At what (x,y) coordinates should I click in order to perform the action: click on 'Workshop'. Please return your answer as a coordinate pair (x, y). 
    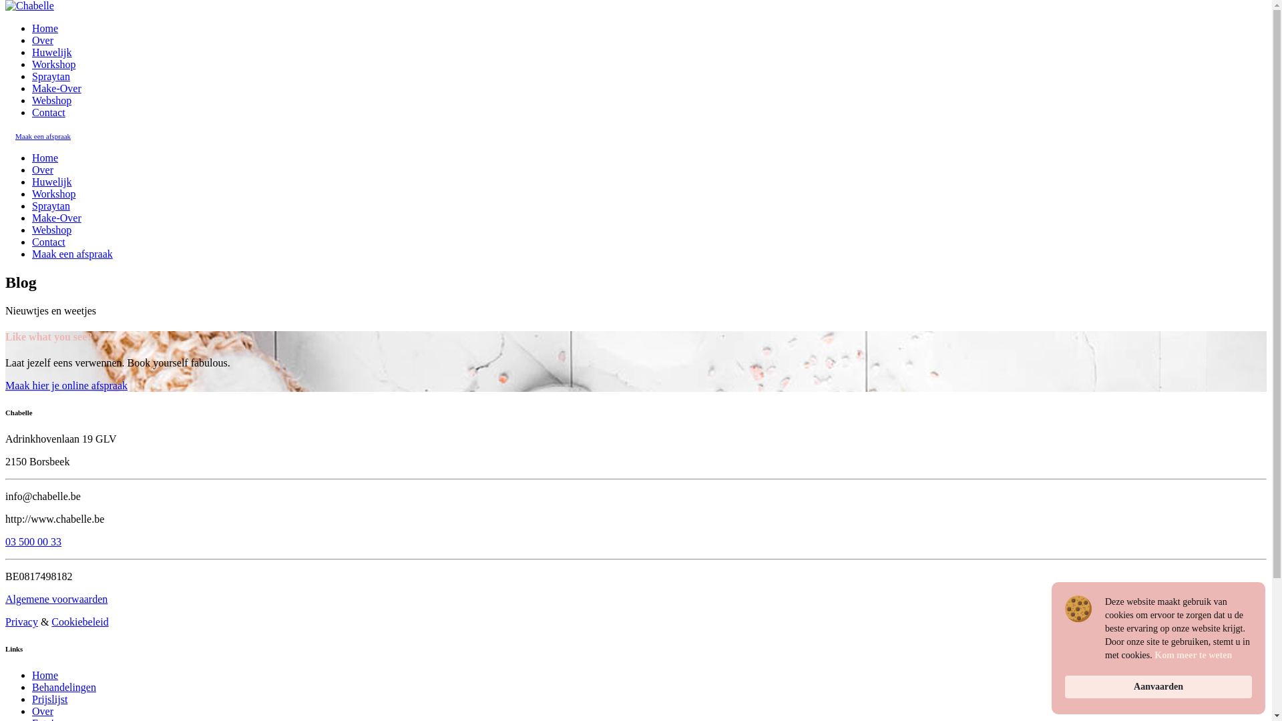
    Looking at the image, I should click on (32, 64).